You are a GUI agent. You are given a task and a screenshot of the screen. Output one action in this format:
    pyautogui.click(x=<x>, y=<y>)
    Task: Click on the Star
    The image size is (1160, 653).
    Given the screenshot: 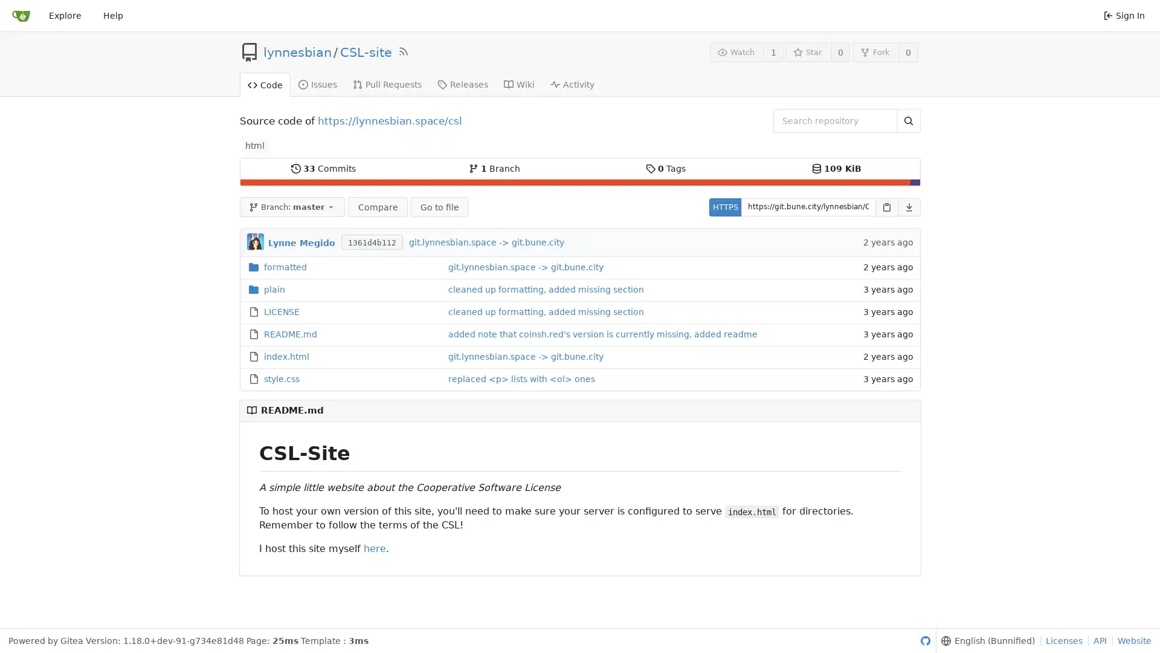 What is the action you would take?
    pyautogui.click(x=808, y=51)
    